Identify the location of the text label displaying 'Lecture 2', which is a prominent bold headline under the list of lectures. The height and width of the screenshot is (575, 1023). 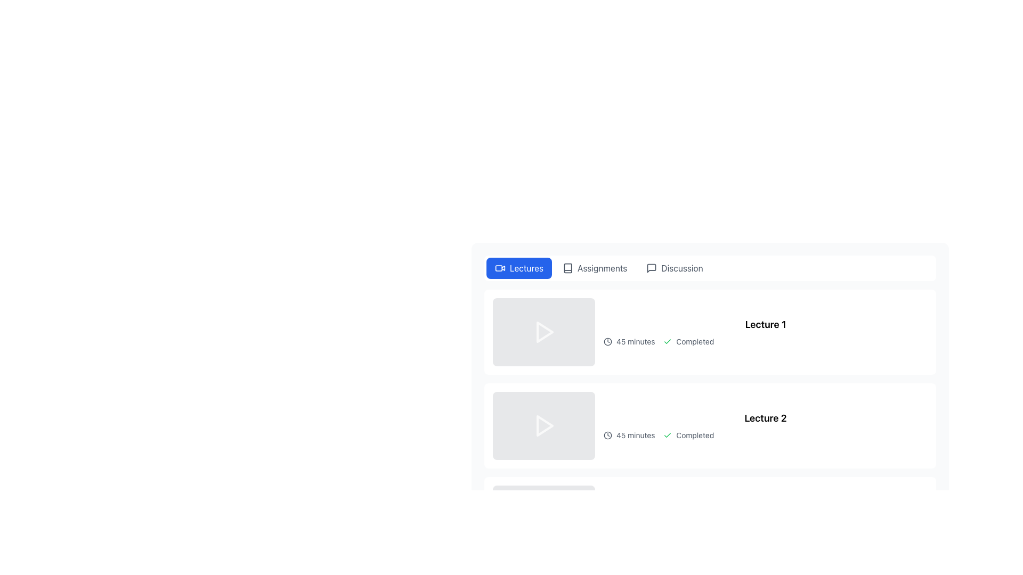
(765, 418).